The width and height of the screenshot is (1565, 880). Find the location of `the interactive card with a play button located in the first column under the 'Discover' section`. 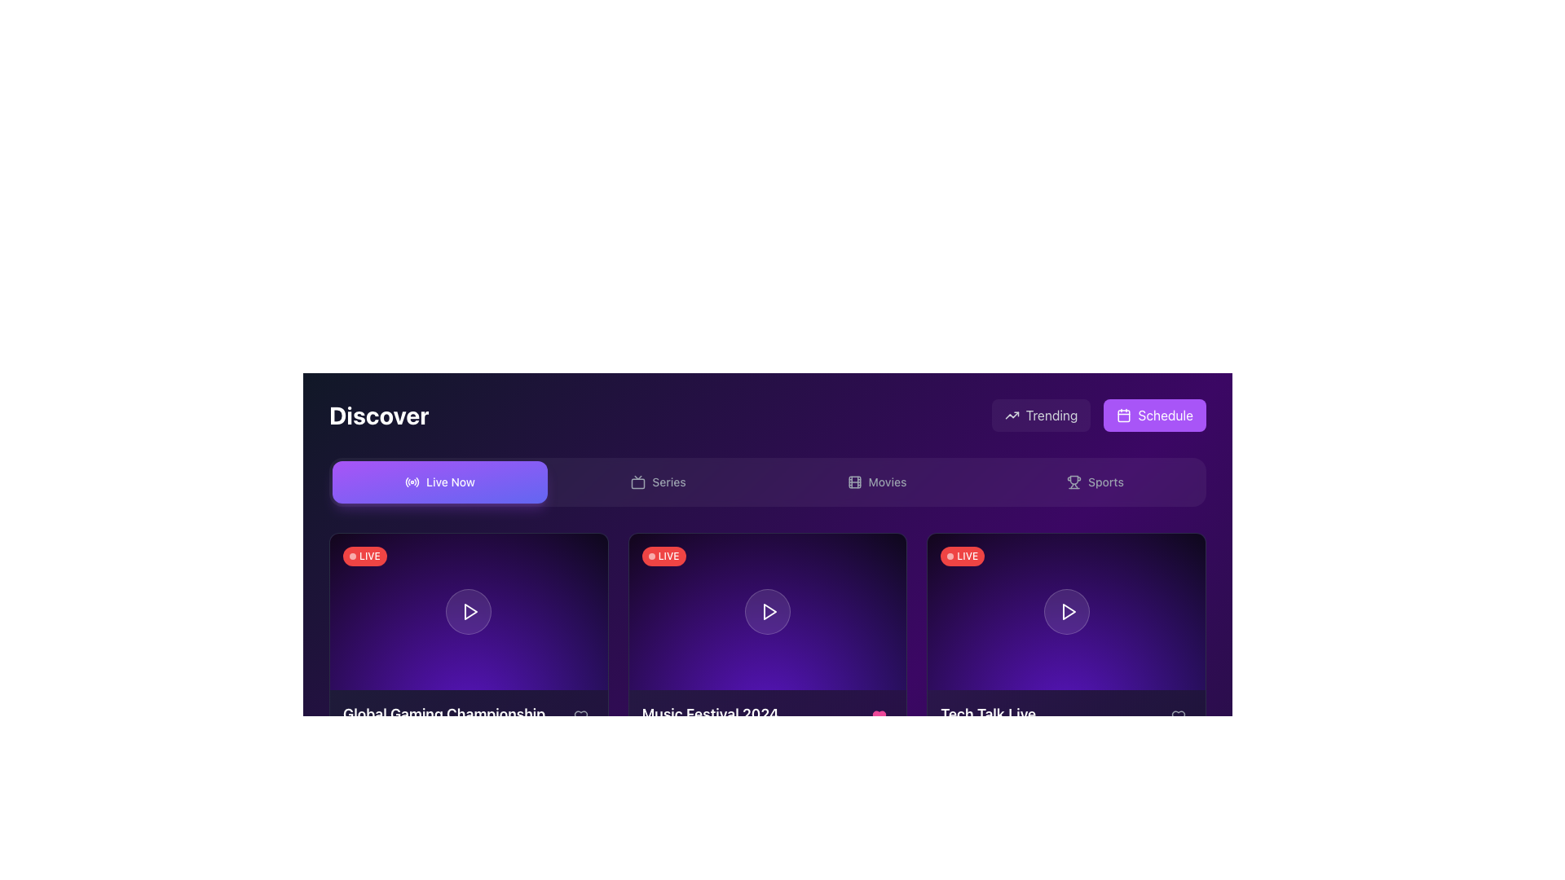

the interactive card with a play button located in the first column under the 'Discover' section is located at coordinates (468, 611).